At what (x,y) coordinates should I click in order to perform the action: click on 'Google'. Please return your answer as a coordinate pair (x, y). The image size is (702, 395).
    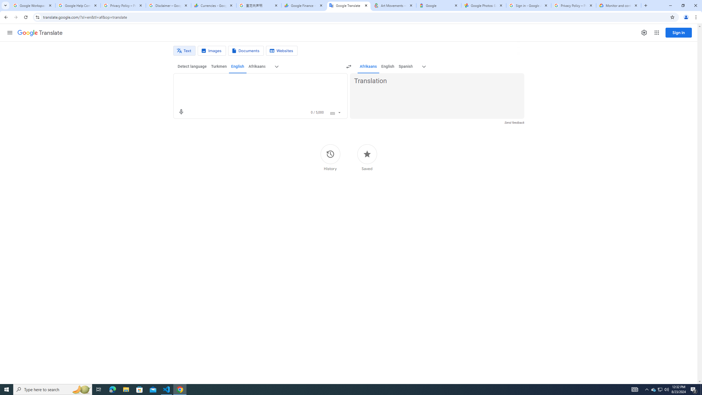
    Looking at the image, I should click on (438, 5).